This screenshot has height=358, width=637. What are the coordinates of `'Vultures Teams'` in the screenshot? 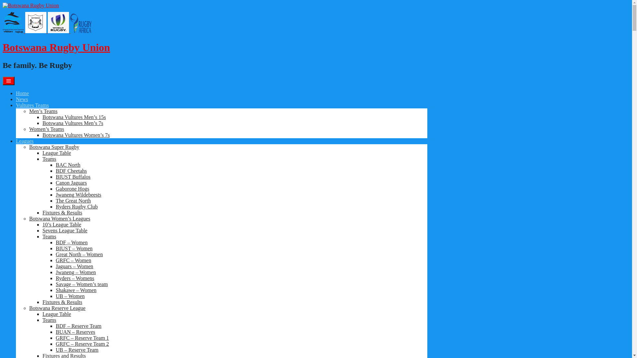 It's located at (16, 105).